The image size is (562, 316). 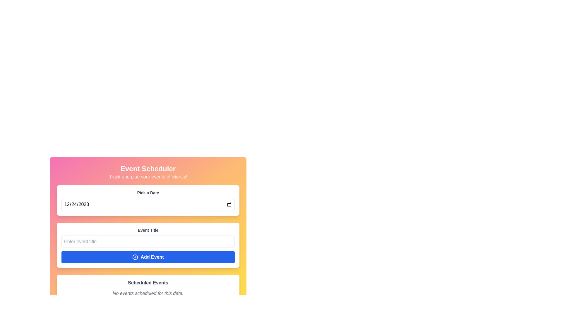 What do you see at coordinates (148, 293) in the screenshot?
I see `status message text label that informs the user there are no scheduled events for the selected date, located below the 'Scheduled Events' heading` at bounding box center [148, 293].